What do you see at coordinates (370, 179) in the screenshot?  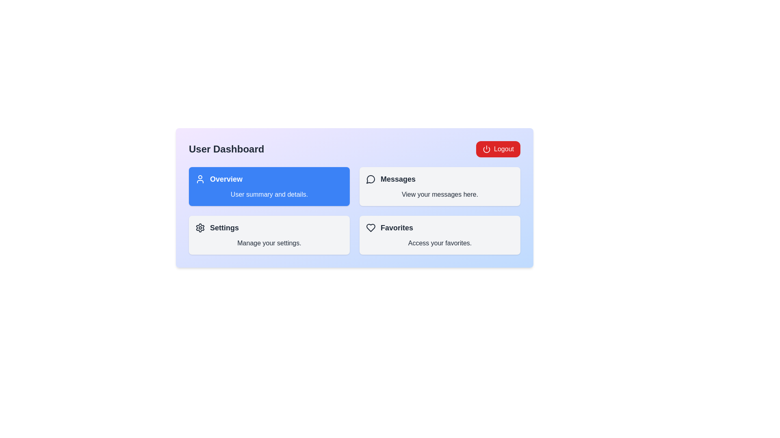 I see `the circular chat bubble icon in the top-right quadrant of the Messages section on the user dashboard as a static visual indicator` at bounding box center [370, 179].